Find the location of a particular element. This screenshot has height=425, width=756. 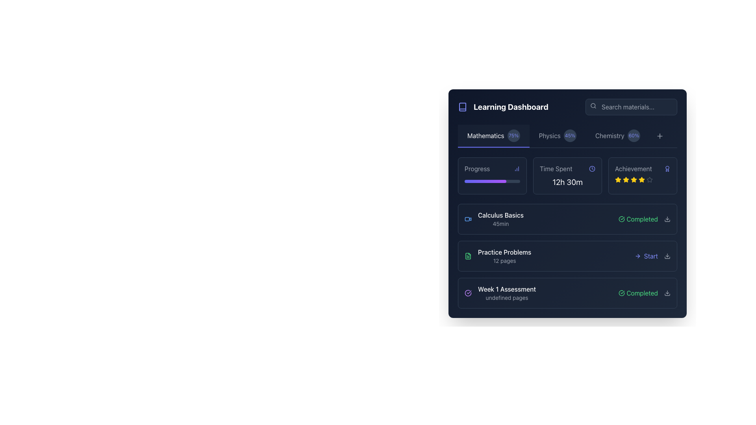

the small circular button with a plus sign located at the top-right corner of the section is located at coordinates (660, 136).